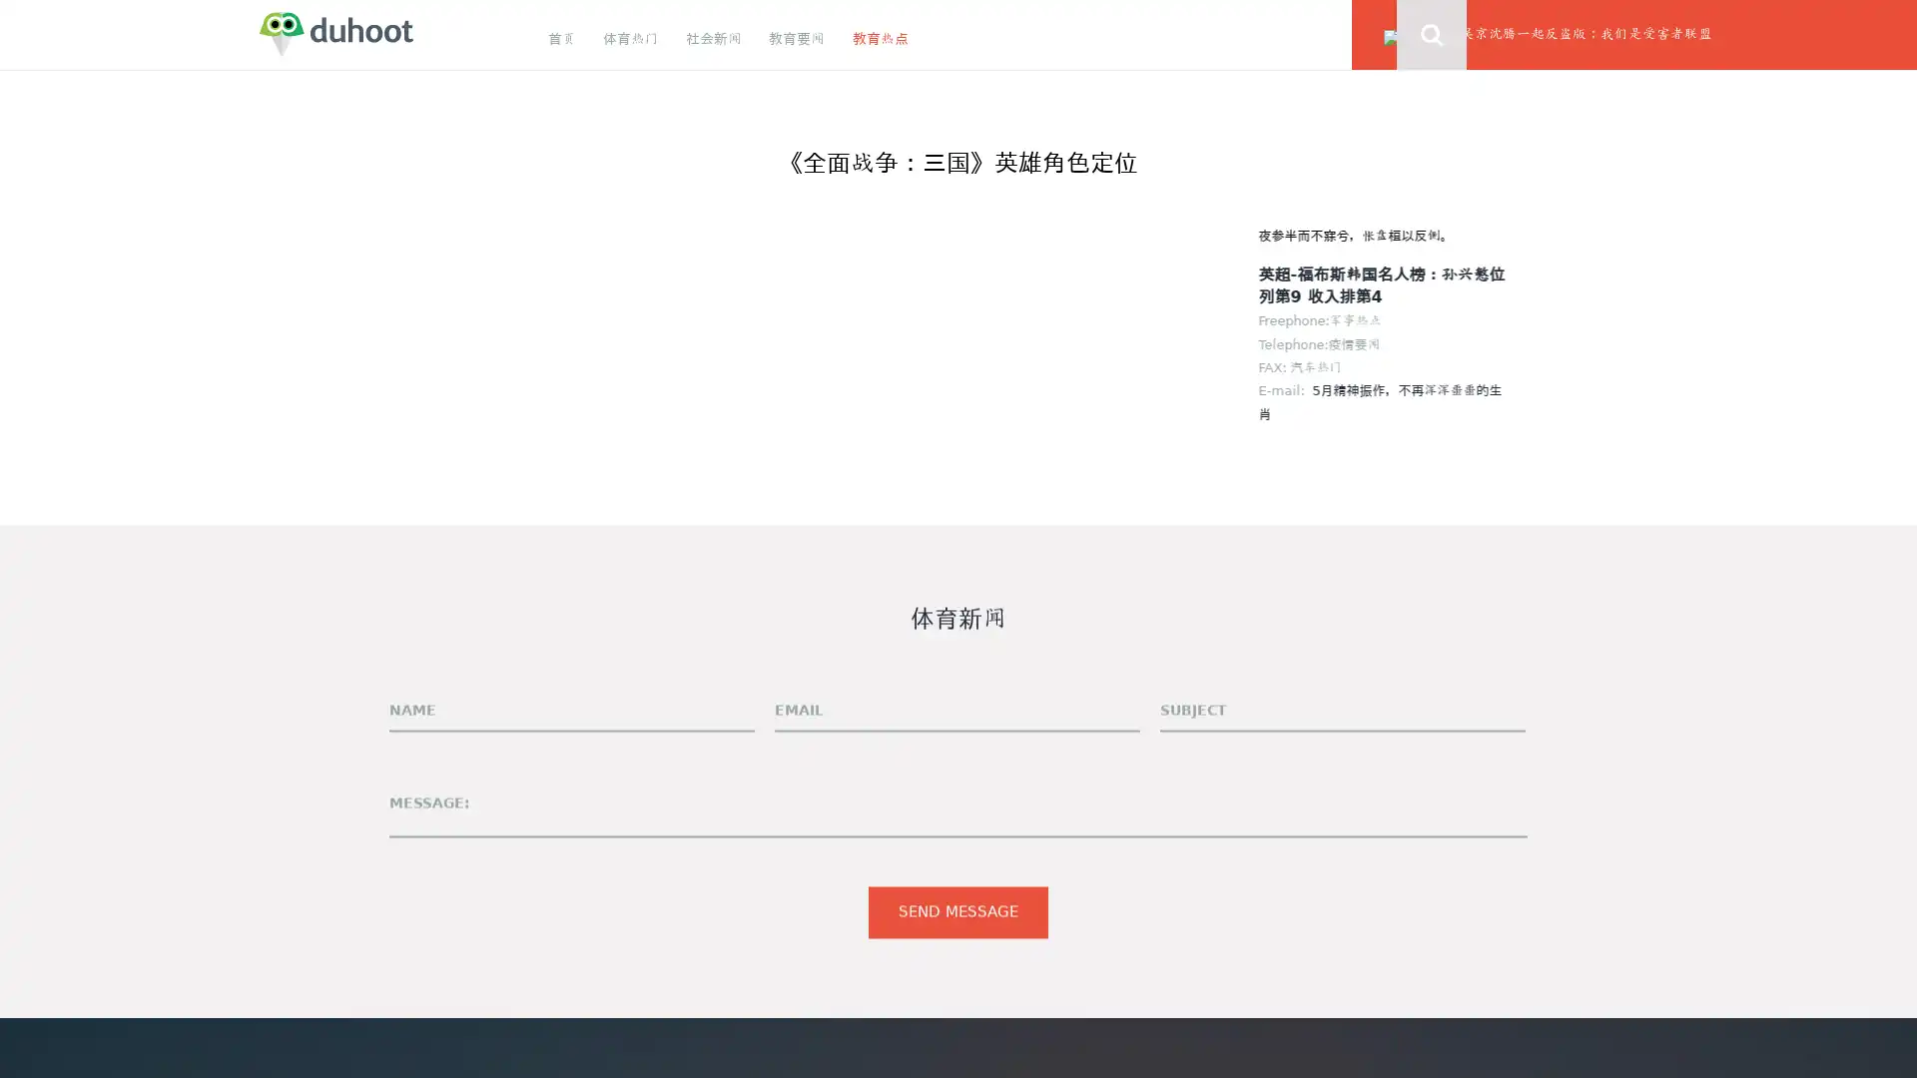  I want to click on Send Message, so click(958, 911).